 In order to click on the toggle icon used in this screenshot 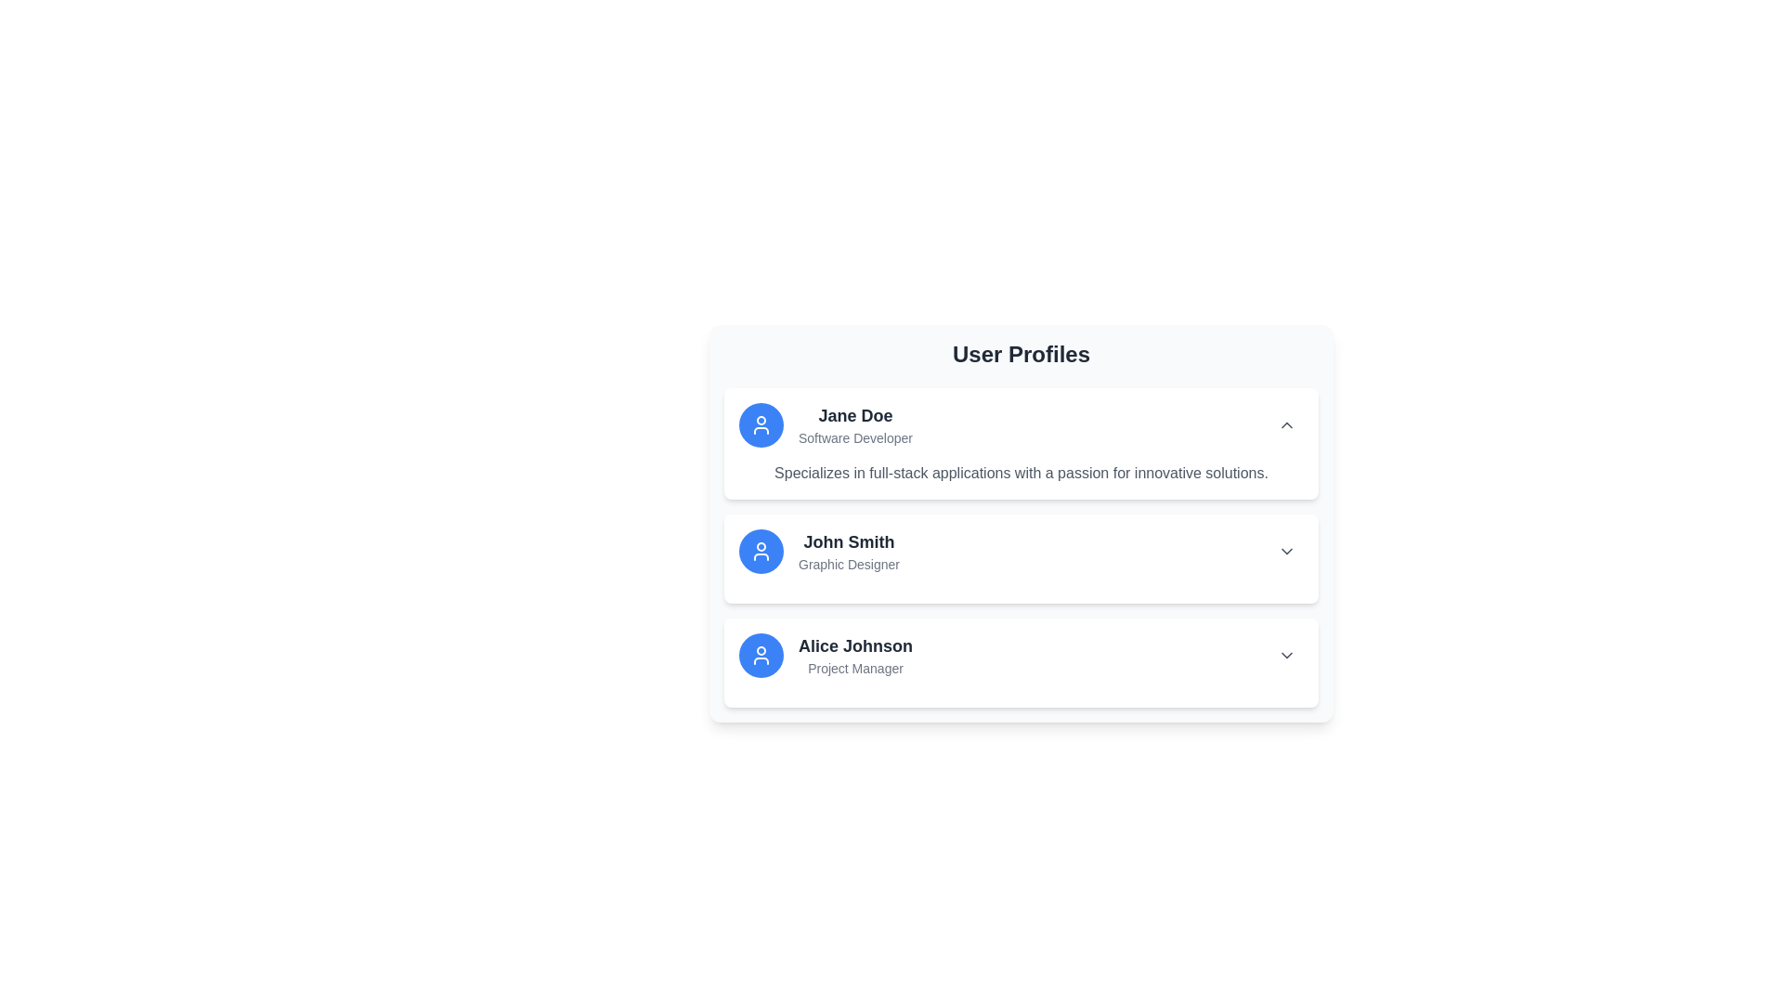, I will do `click(1286, 654)`.